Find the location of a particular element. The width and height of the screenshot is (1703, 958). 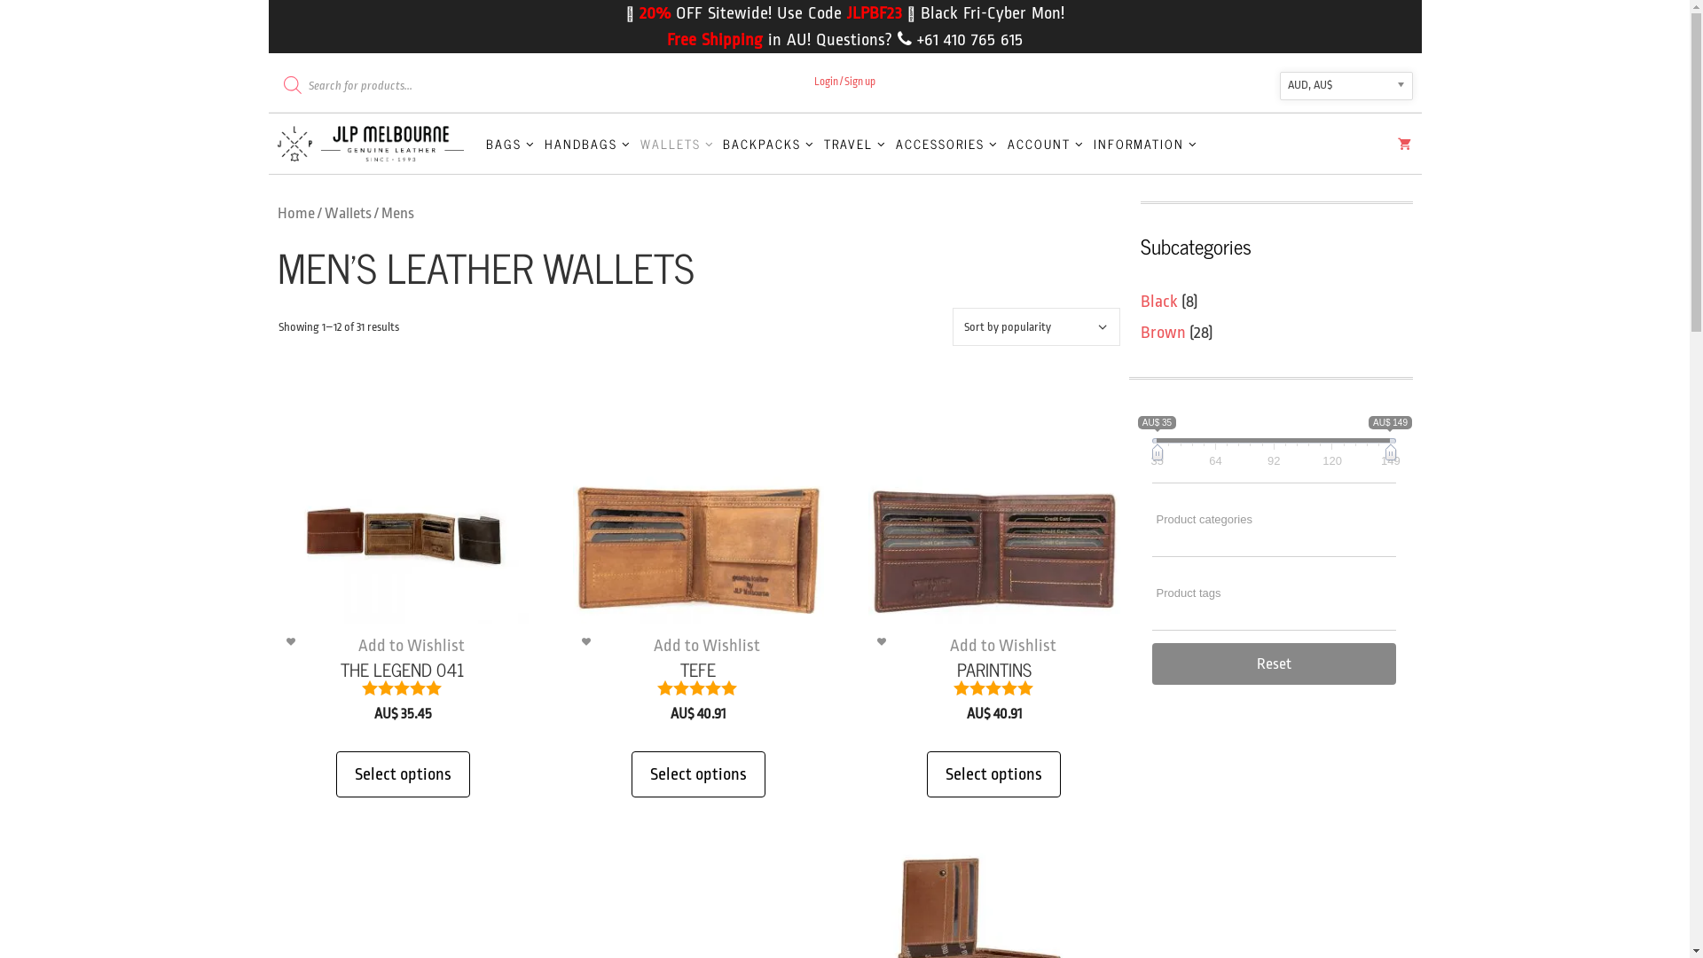

'INFORMATION' is located at coordinates (1088, 143).